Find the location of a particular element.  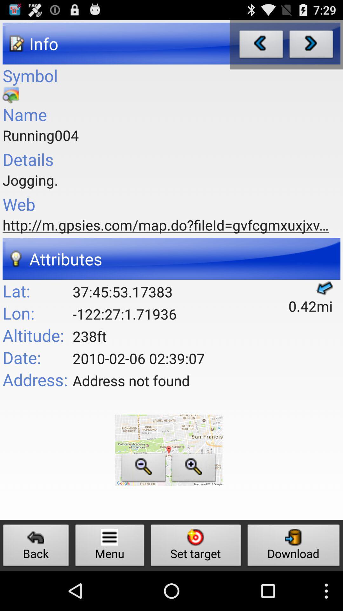

app to the right of the symbol item is located at coordinates (261, 46).